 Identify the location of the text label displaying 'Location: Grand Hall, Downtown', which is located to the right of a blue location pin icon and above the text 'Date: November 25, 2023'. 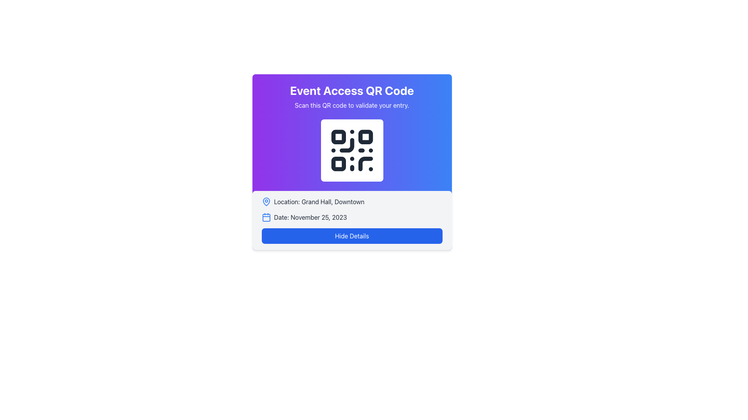
(319, 201).